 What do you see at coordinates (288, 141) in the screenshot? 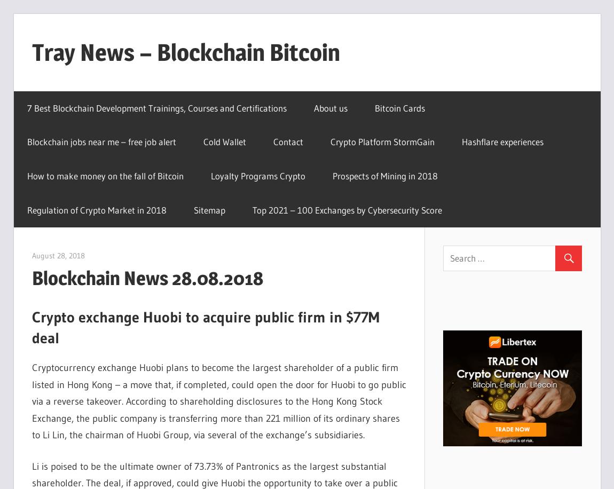
I see `'Contact'` at bounding box center [288, 141].